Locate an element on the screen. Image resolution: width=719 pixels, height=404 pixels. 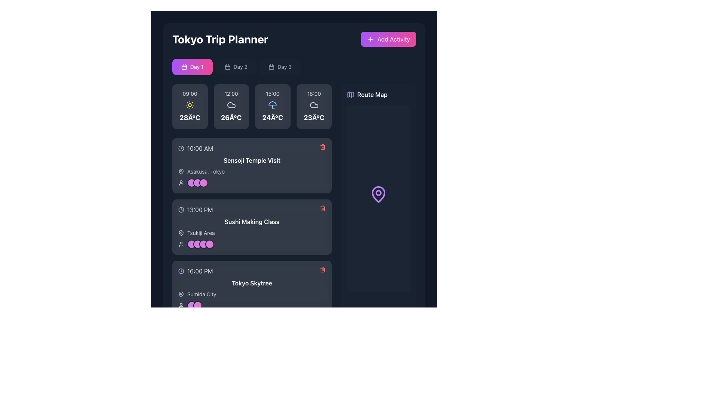
text label displaying the event name scheduled at 10:00 AM on the trip planner interface, located below the time and above the location details ('Asakusa, Tokyo') is located at coordinates (252, 160).